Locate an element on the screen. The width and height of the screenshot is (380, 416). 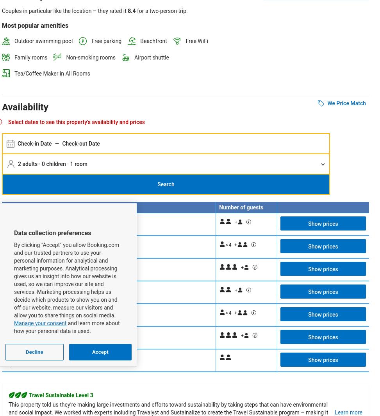
'Suite Executive Double Room' is located at coordinates (44, 333).